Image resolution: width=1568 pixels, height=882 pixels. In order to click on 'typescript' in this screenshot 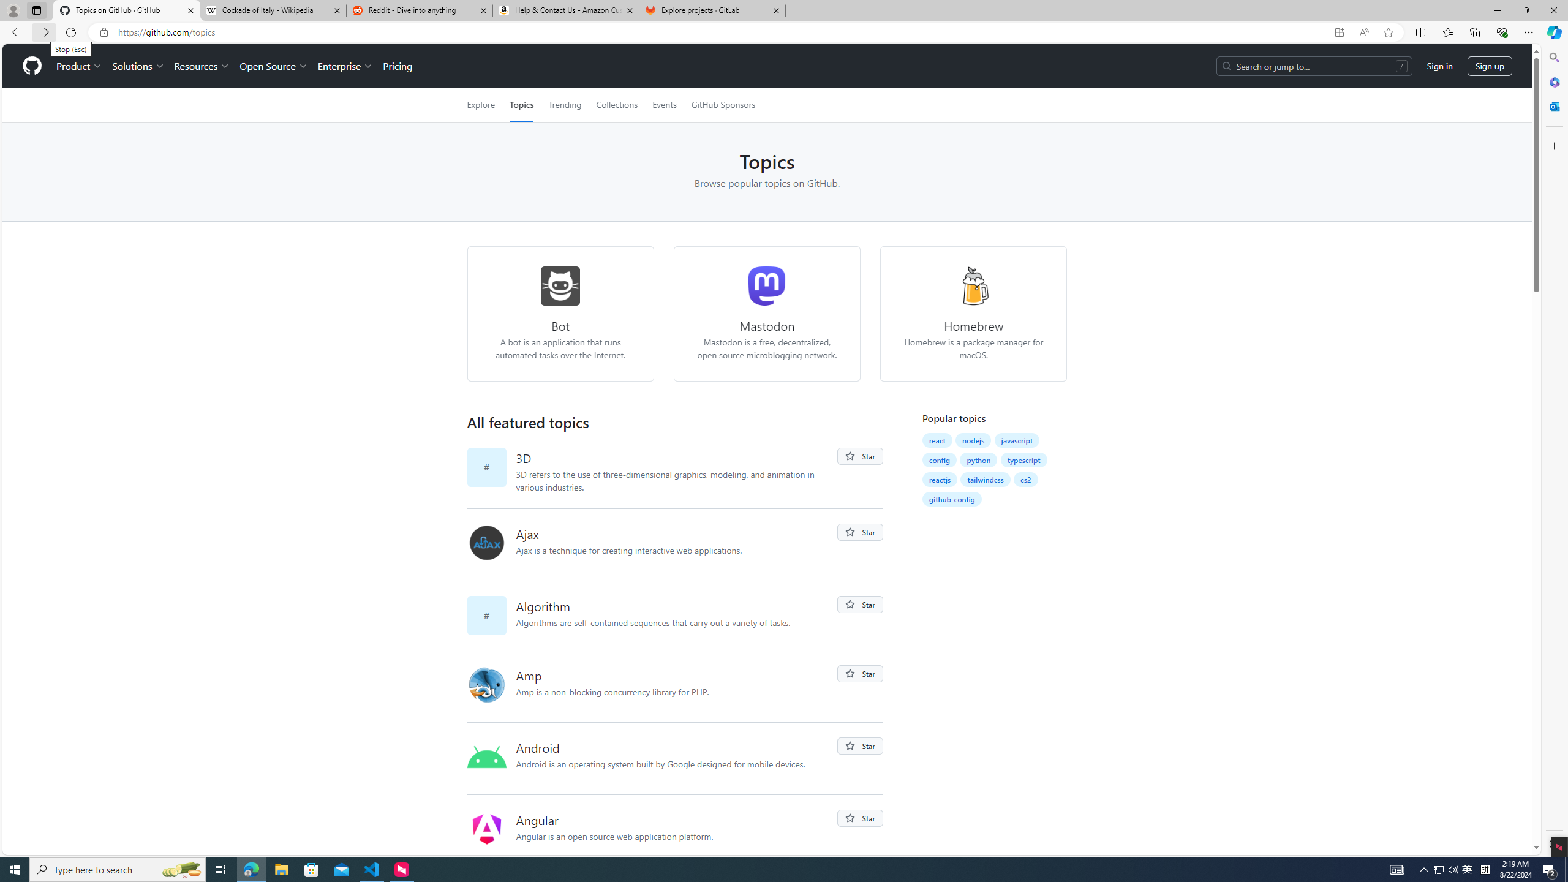, I will do `click(1023, 459)`.